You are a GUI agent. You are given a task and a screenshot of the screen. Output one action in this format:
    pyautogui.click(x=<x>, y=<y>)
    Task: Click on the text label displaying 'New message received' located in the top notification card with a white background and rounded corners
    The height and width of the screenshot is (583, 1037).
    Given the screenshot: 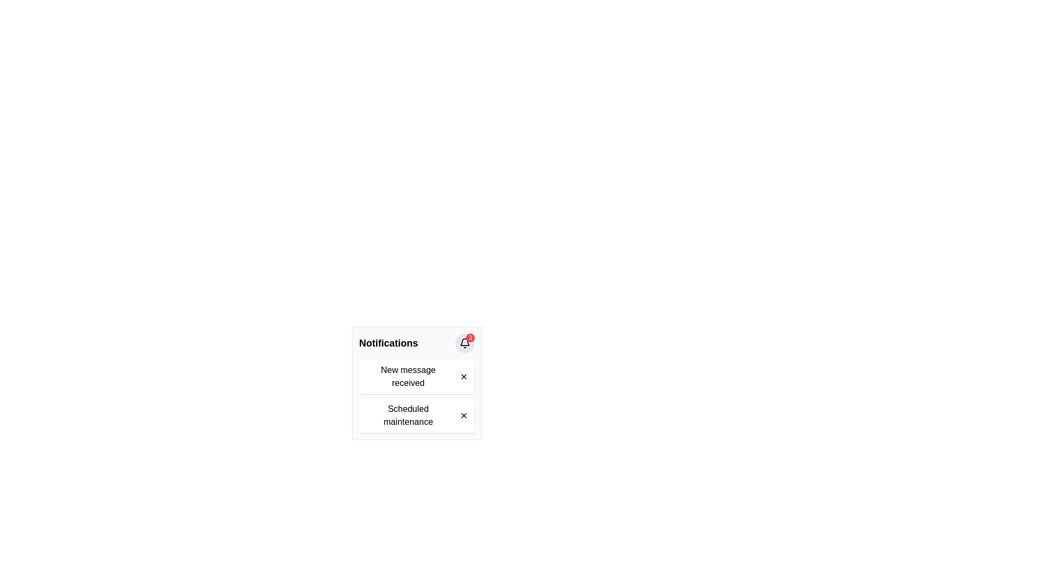 What is the action you would take?
    pyautogui.click(x=407, y=376)
    